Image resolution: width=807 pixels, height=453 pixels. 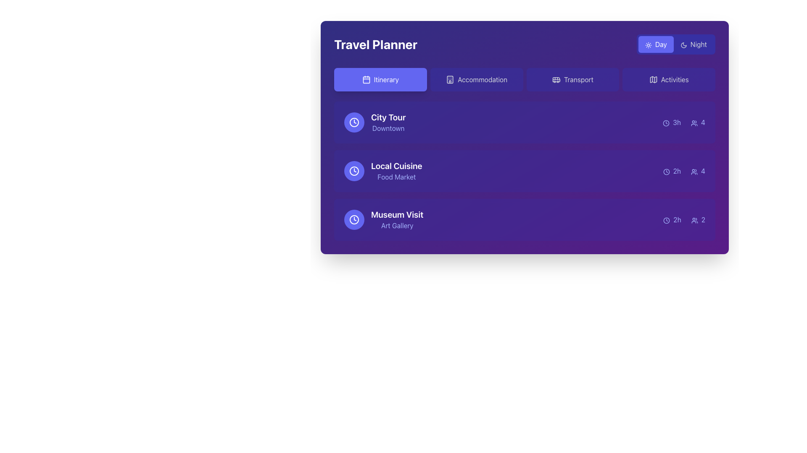 I want to click on the circular clock icon in the 'Travel Planner' section, which is located to the left of the text '2h', so click(x=666, y=171).